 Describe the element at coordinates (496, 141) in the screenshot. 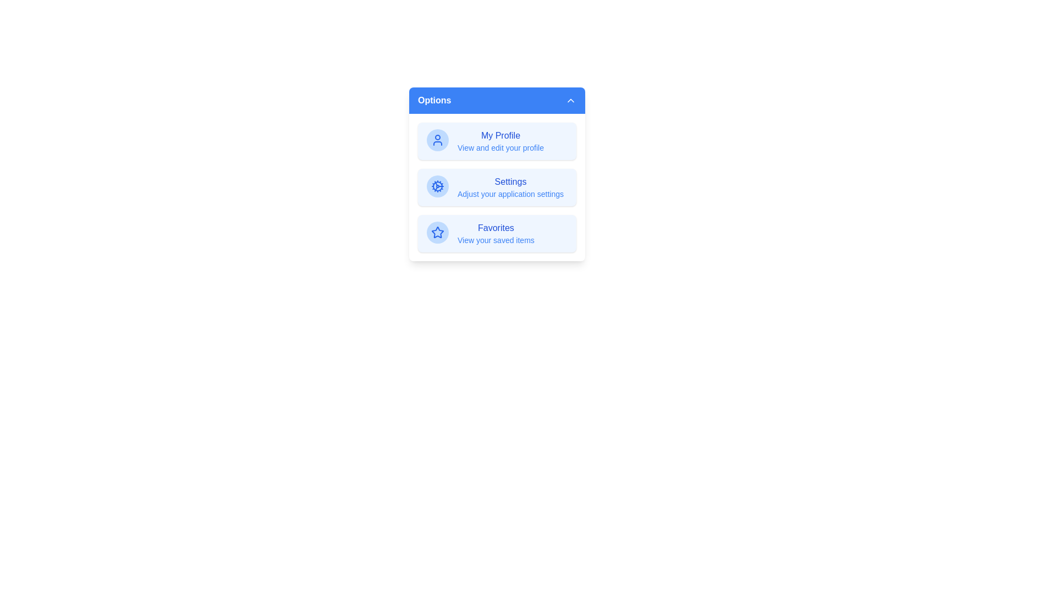

I see `the option My Profile from the list by clicking on it` at that location.